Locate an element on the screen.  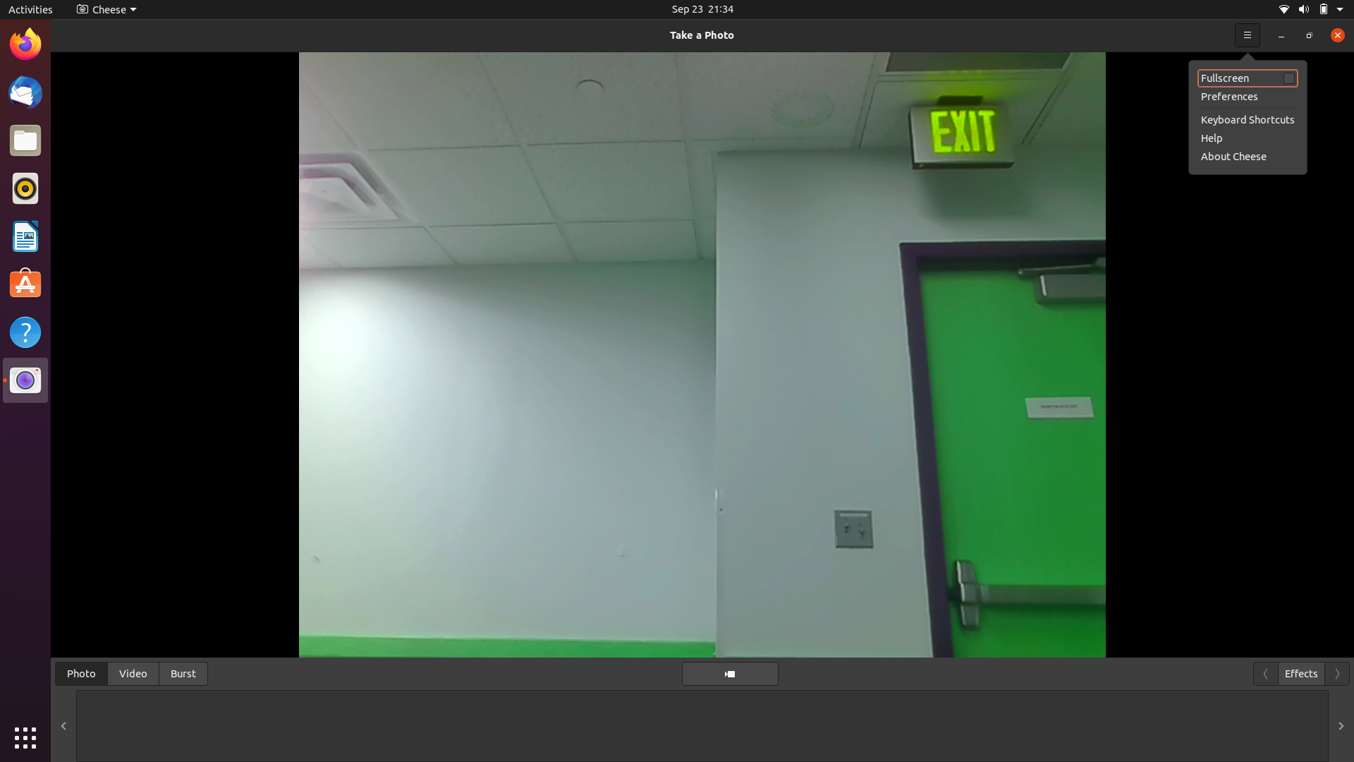
the help option is located at coordinates (1245, 138).